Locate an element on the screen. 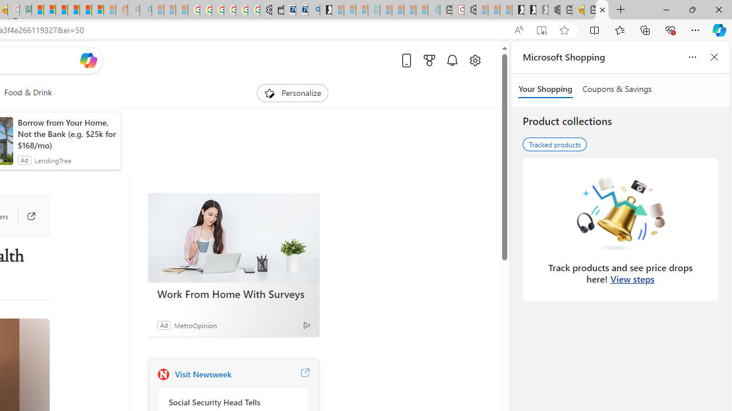  'Notifications' is located at coordinates (452, 60).